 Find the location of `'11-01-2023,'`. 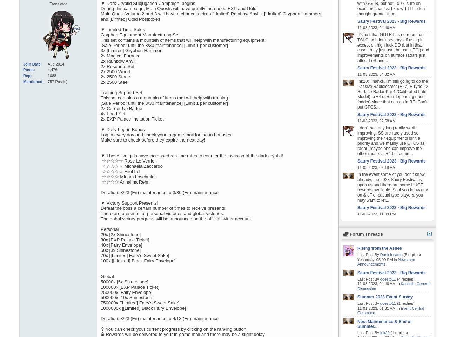

'11-01-2023,' is located at coordinates (368, 307).